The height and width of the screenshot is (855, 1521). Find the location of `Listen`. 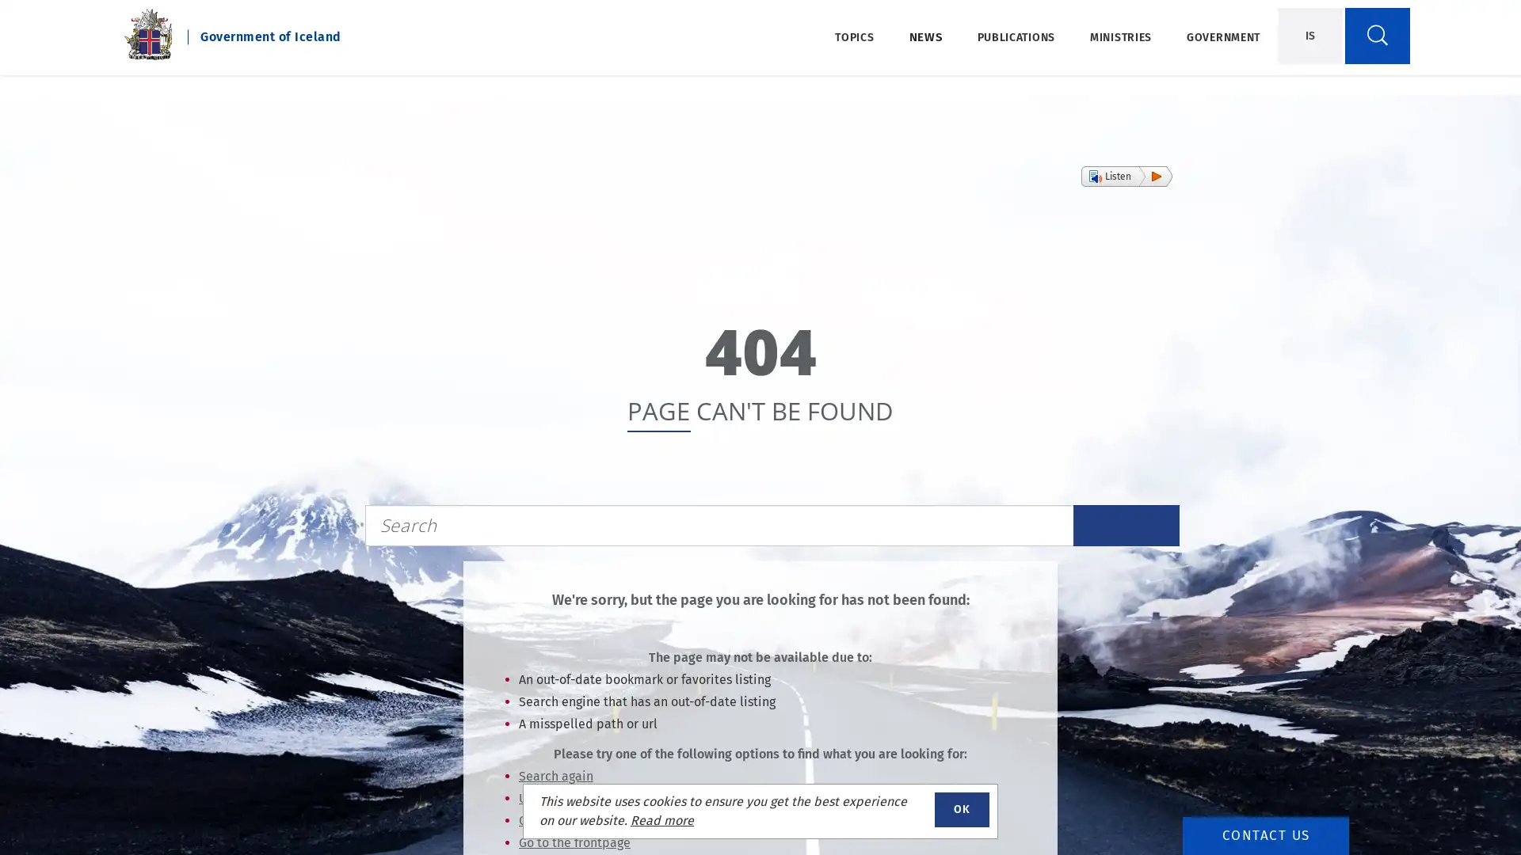

Listen is located at coordinates (1126, 177).